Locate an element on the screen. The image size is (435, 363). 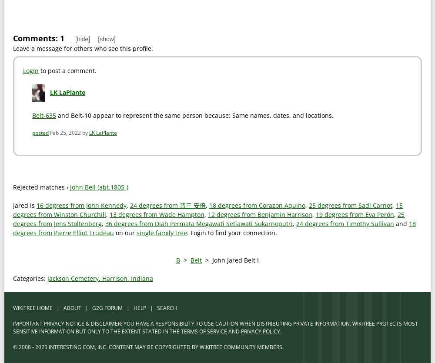
'by' is located at coordinates (84, 132).